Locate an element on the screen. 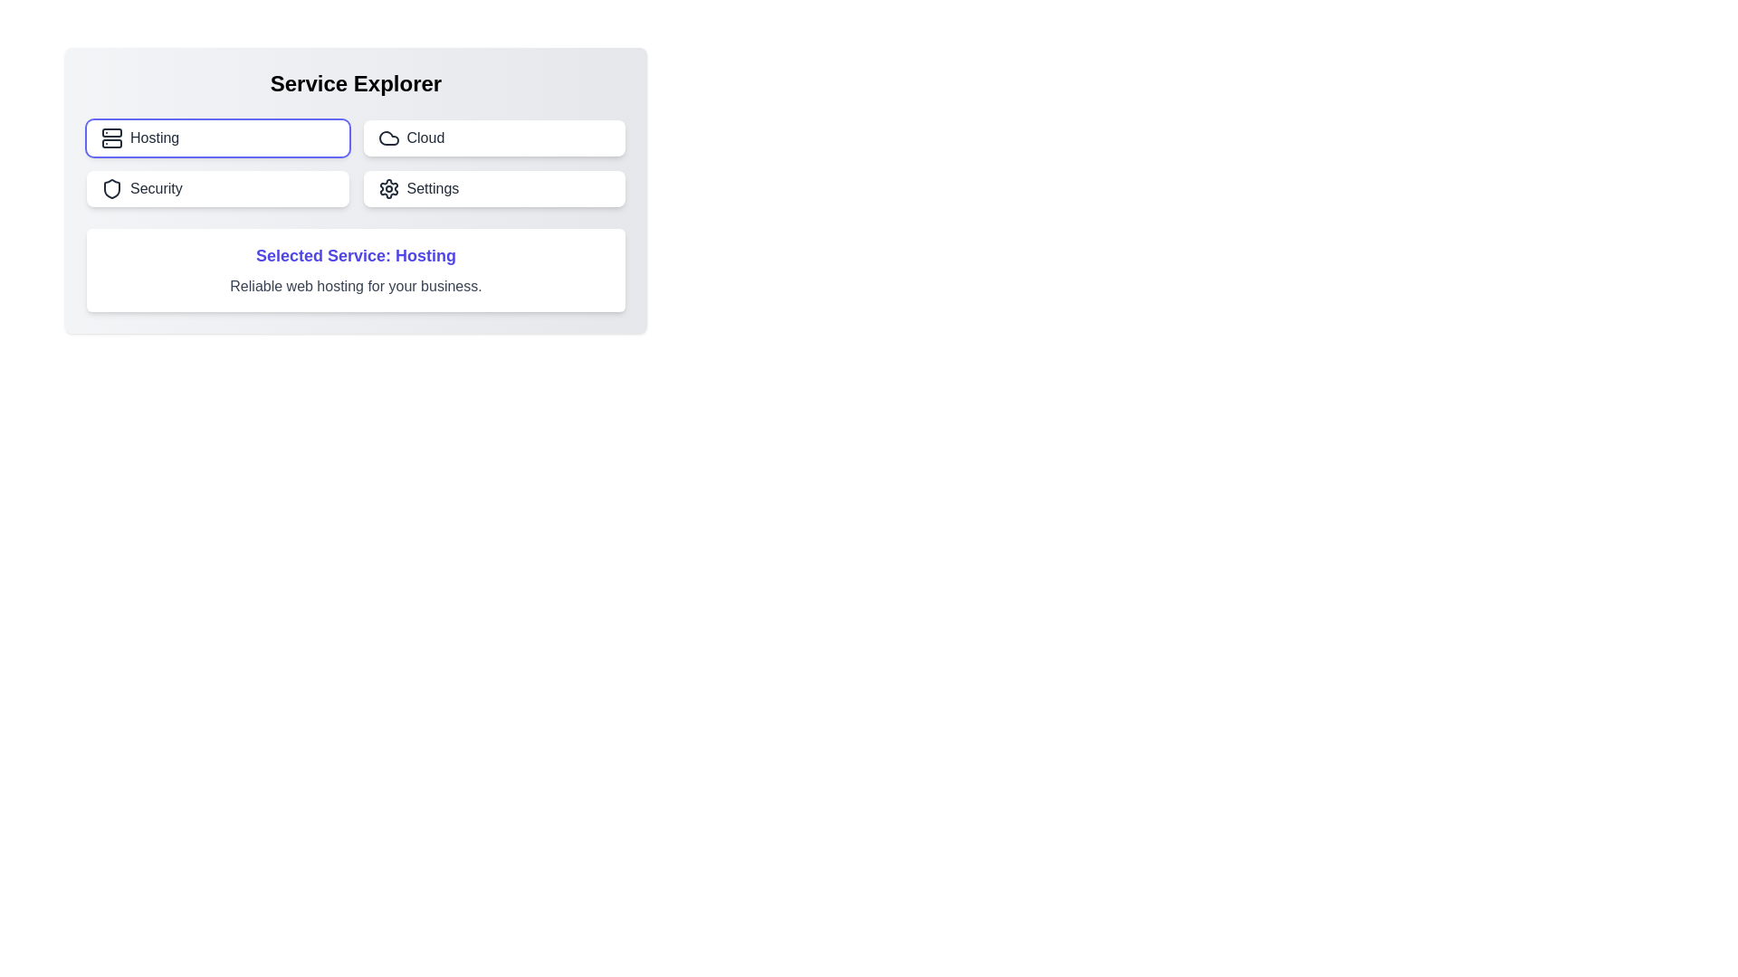 The height and width of the screenshot is (977, 1738). the gear icon representing settings, located within the Settings button on the right-hand side of the Service Explorer component is located at coordinates (387, 188).